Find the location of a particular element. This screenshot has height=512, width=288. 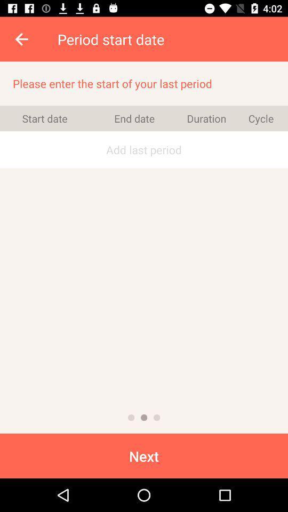

the next is located at coordinates (144, 455).